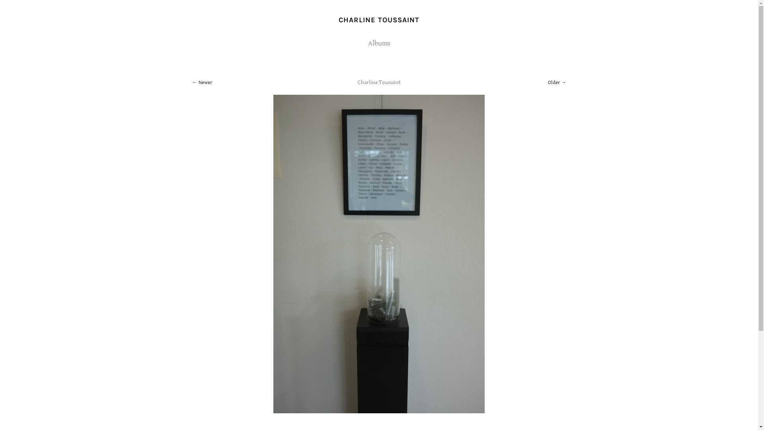 The image size is (764, 430). I want to click on 'Albums', so click(378, 43).